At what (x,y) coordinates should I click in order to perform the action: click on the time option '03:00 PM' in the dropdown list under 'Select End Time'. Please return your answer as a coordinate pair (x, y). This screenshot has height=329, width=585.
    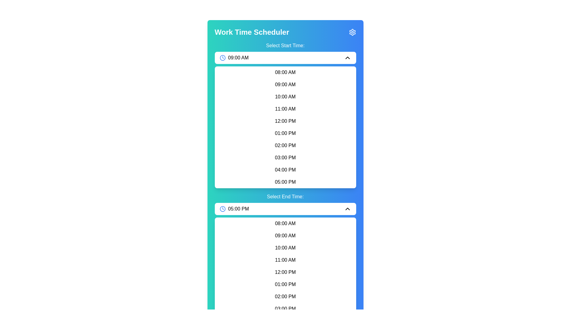
    Looking at the image, I should click on (285, 309).